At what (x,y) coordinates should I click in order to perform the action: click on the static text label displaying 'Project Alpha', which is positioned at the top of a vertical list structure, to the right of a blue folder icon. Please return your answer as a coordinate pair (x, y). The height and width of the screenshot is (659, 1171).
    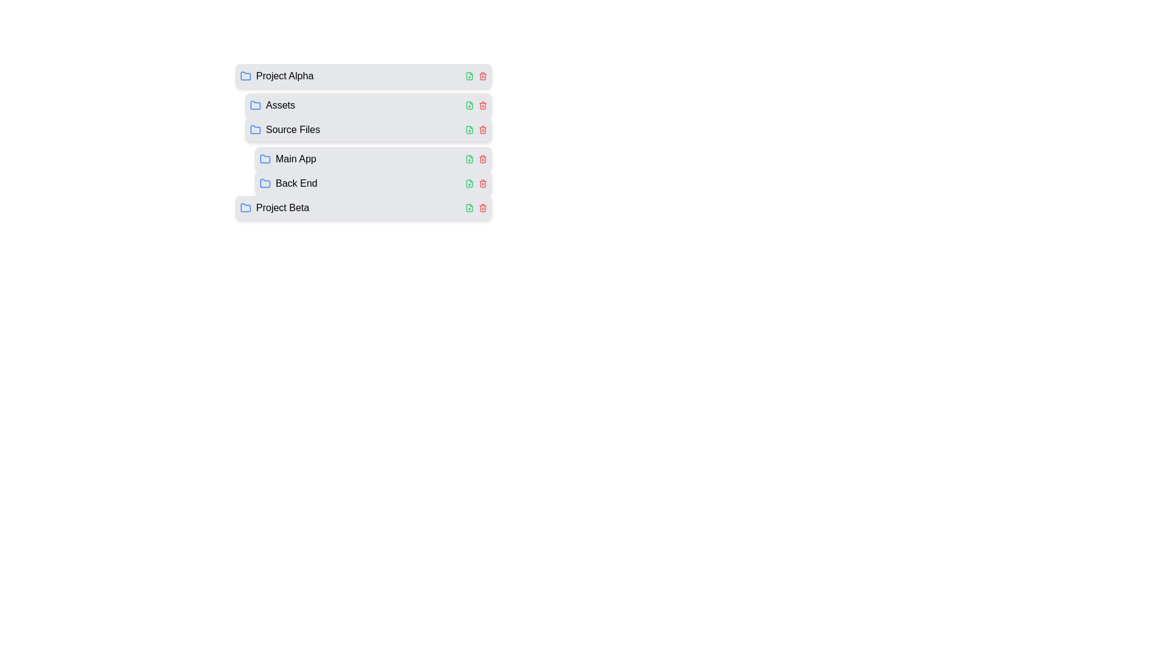
    Looking at the image, I should click on (284, 76).